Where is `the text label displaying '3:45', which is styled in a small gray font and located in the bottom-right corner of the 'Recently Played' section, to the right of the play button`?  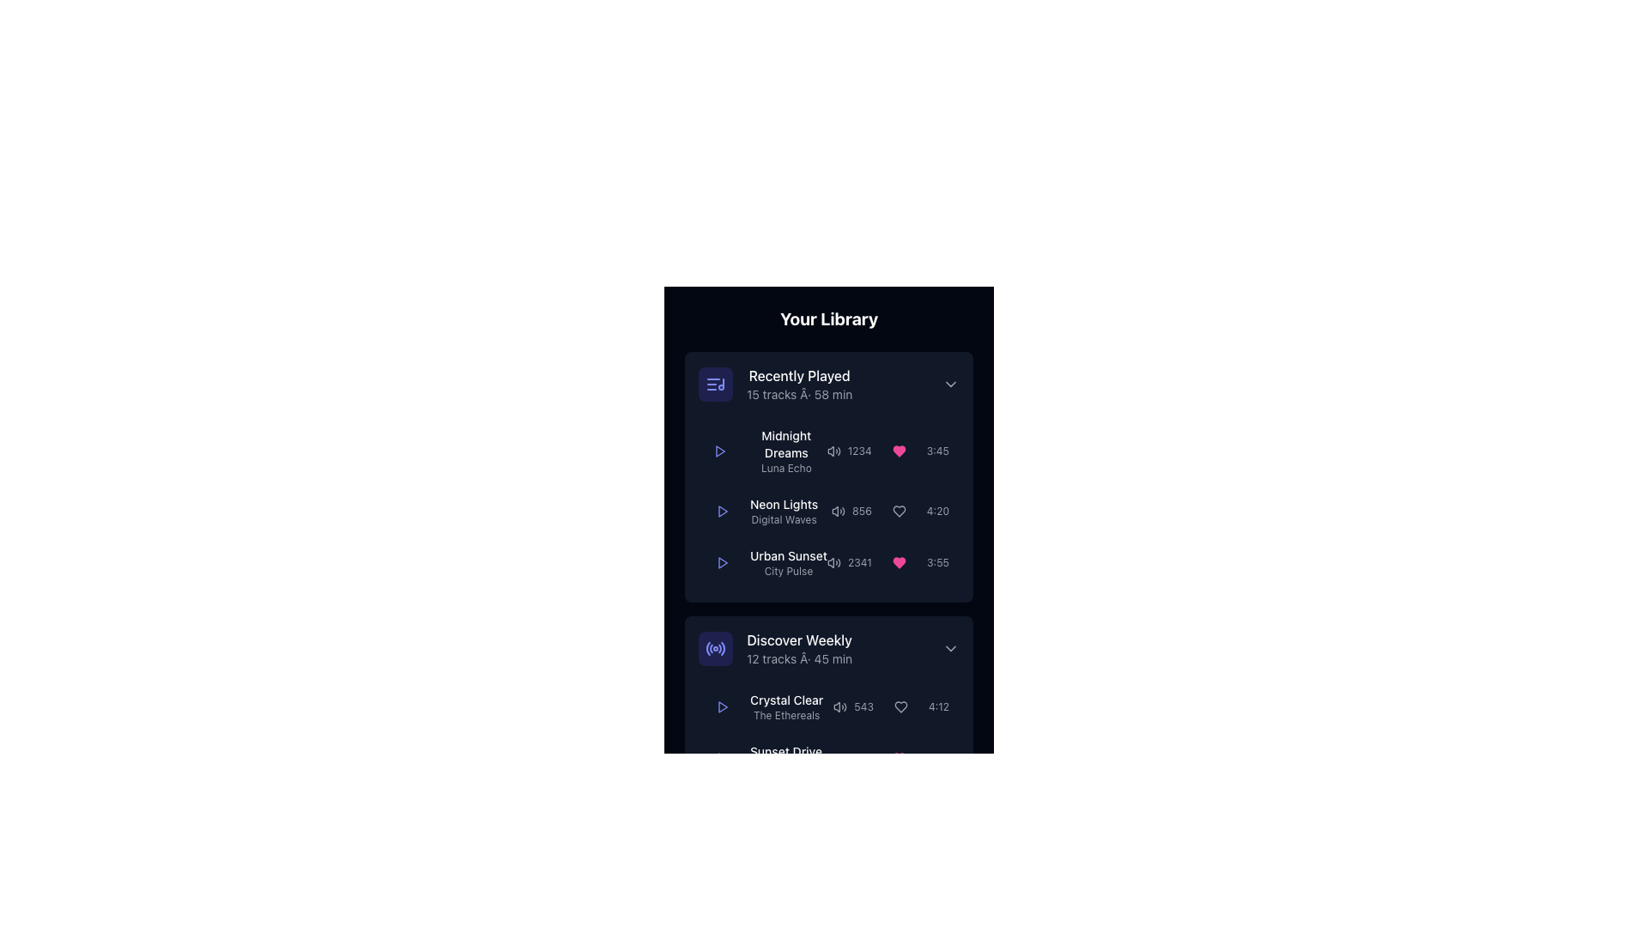 the text label displaying '3:45', which is styled in a small gray font and located in the bottom-right corner of the 'Recently Played' section, to the right of the play button is located at coordinates (936, 450).